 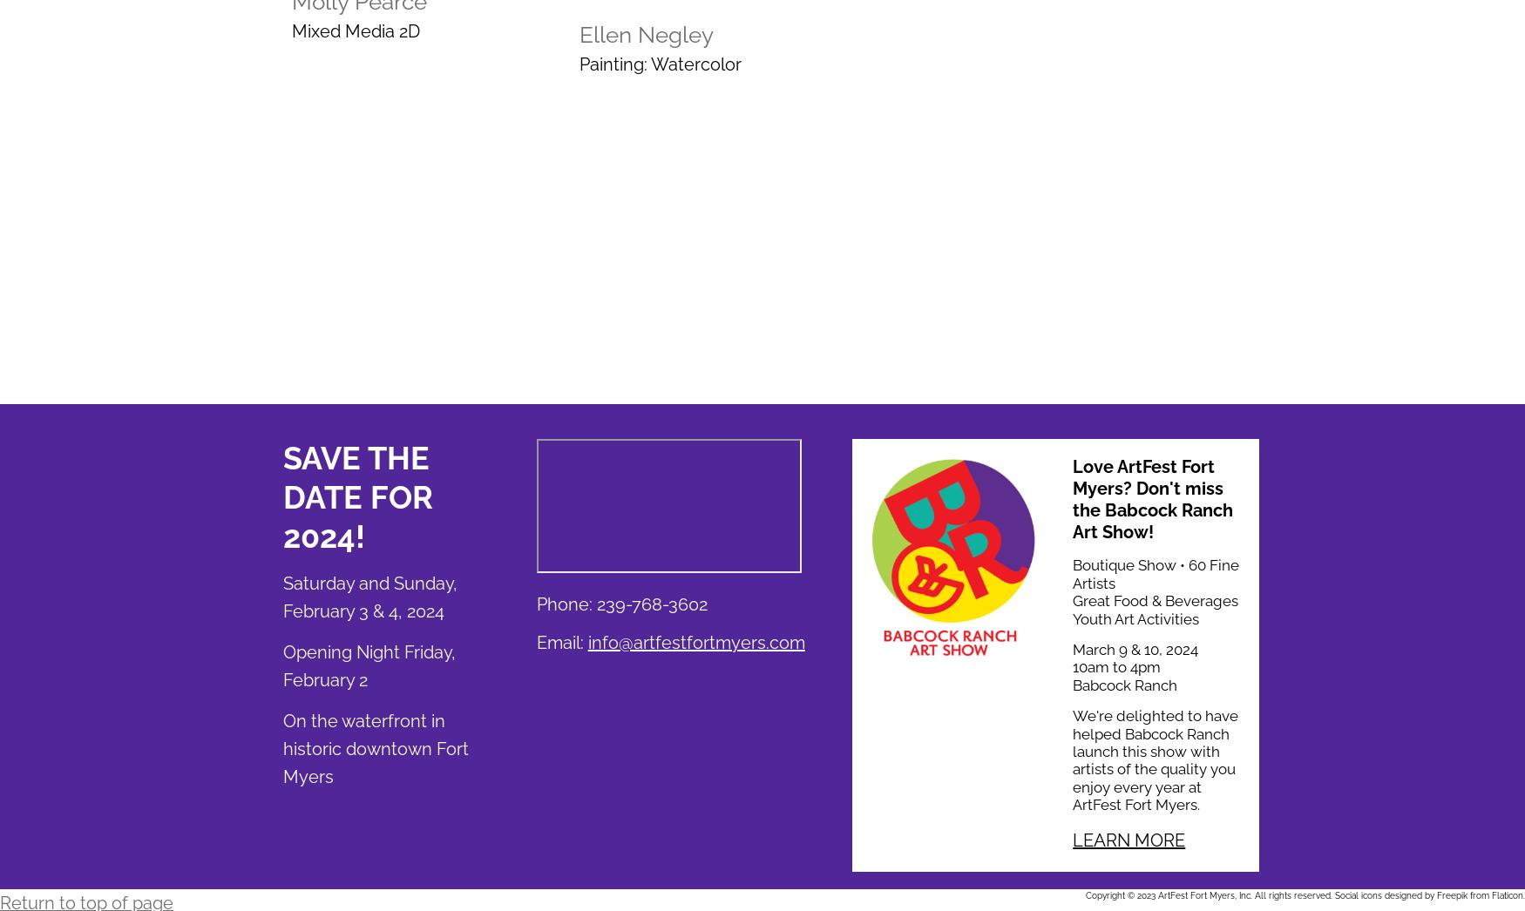 I want to click on 'Great Food & Beverages', so click(x=1155, y=601).